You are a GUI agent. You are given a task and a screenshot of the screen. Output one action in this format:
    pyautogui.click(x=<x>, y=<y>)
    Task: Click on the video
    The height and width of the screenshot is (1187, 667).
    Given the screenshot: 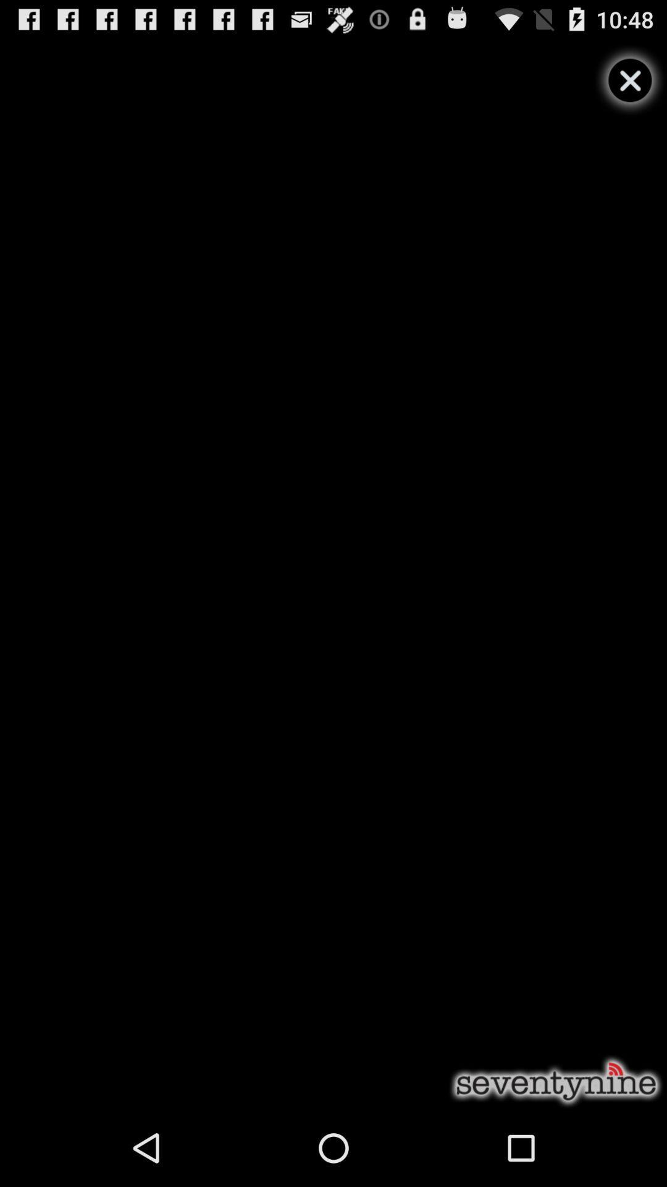 What is the action you would take?
    pyautogui.click(x=630, y=80)
    